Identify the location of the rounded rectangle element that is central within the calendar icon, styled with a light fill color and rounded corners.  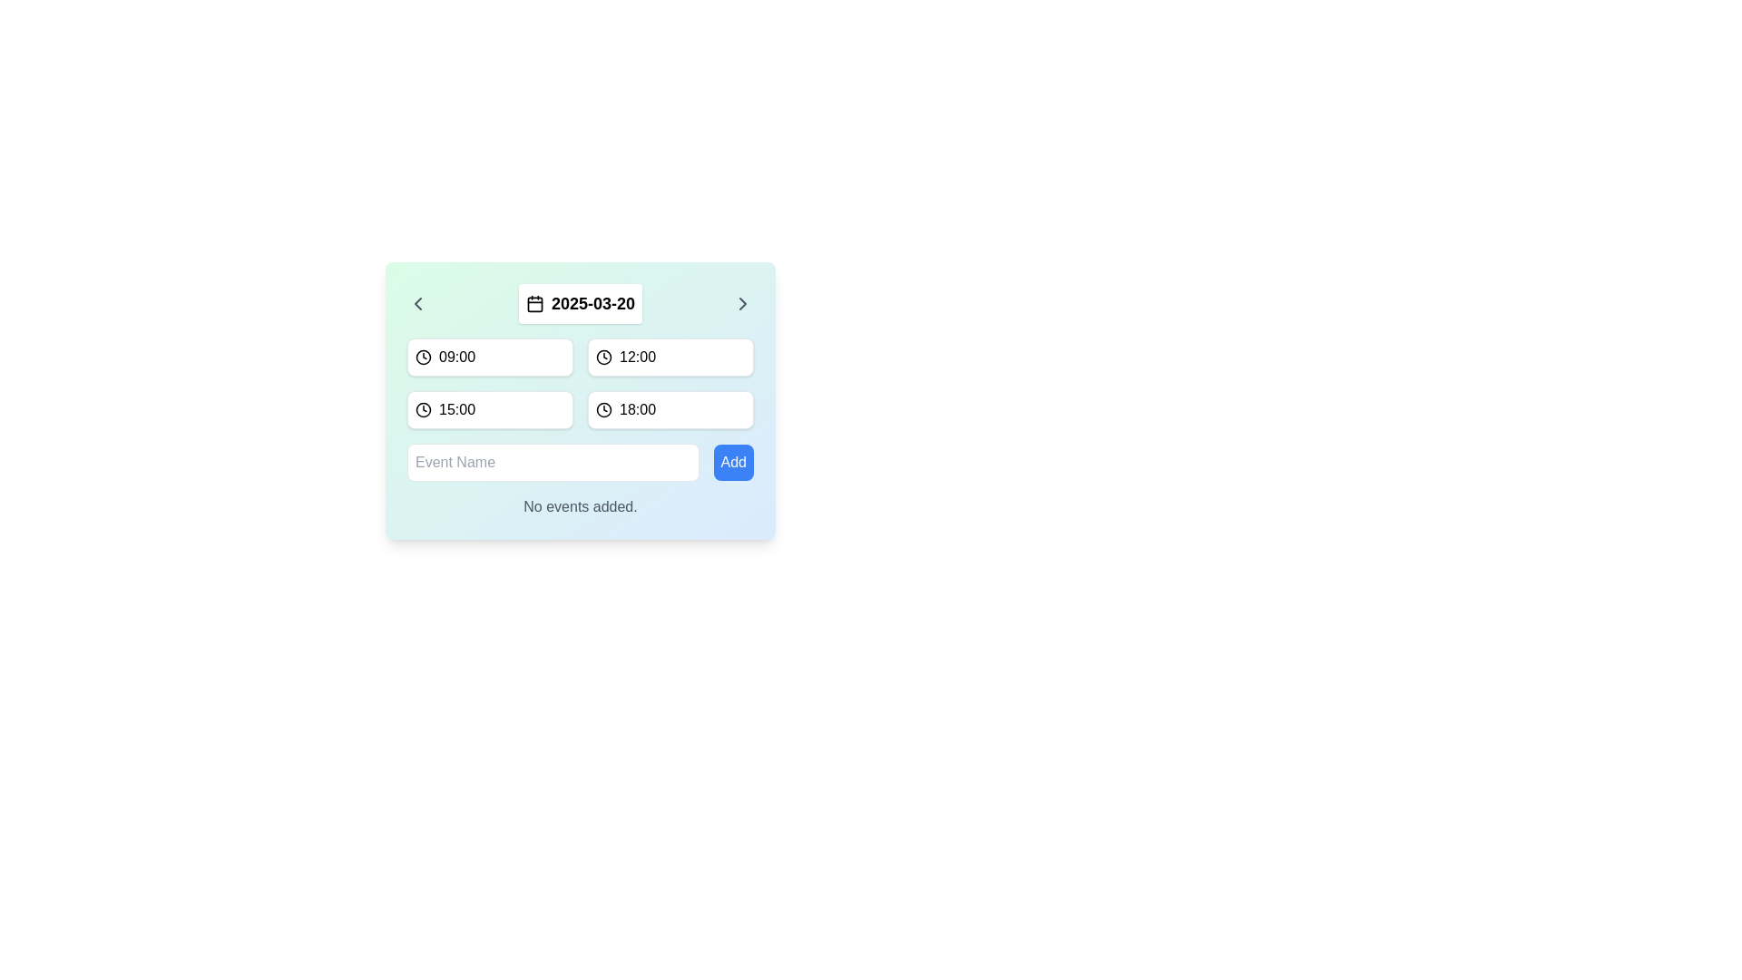
(534, 303).